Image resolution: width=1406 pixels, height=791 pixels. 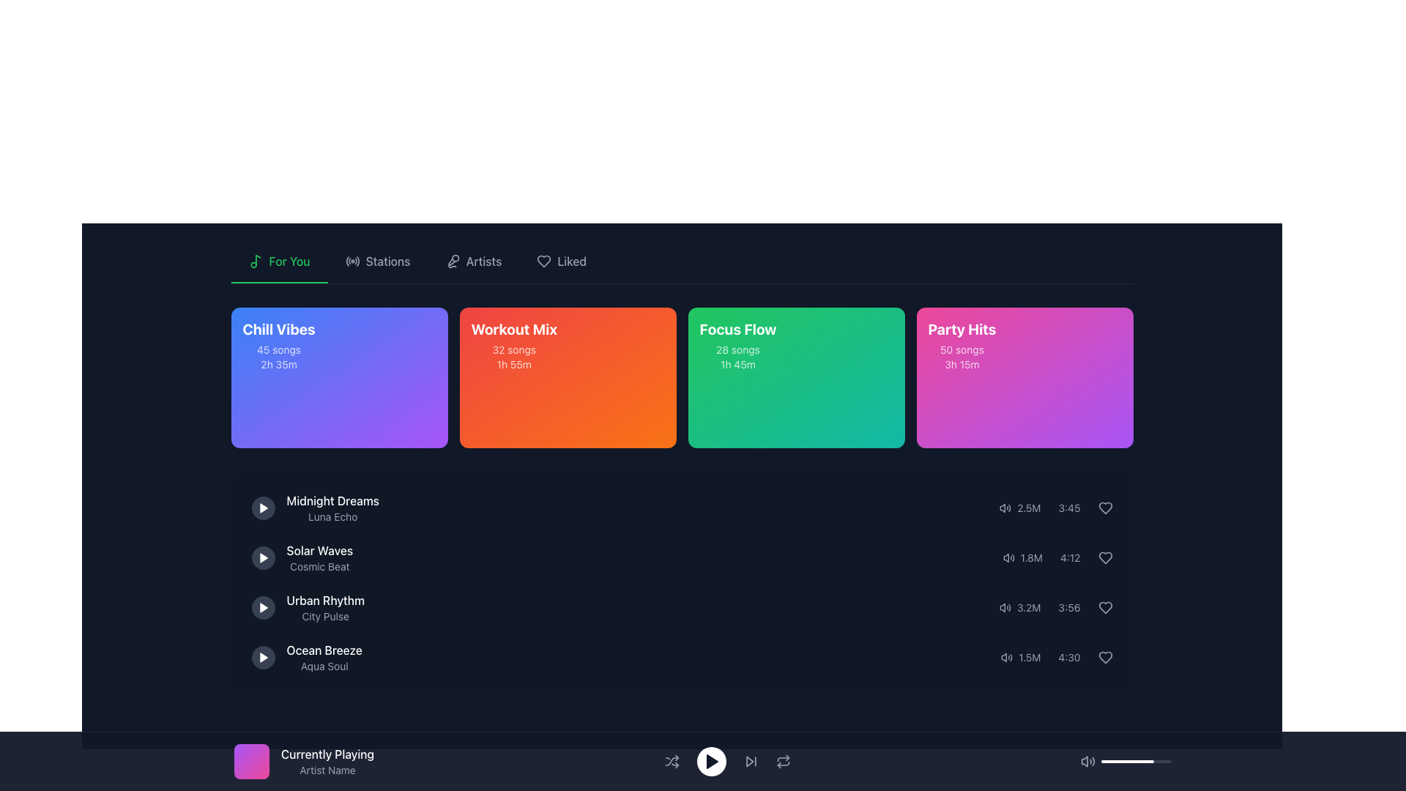 I want to click on the play button located in the top-right corner of the 'Chill Vibes' card, so click(x=420, y=339).